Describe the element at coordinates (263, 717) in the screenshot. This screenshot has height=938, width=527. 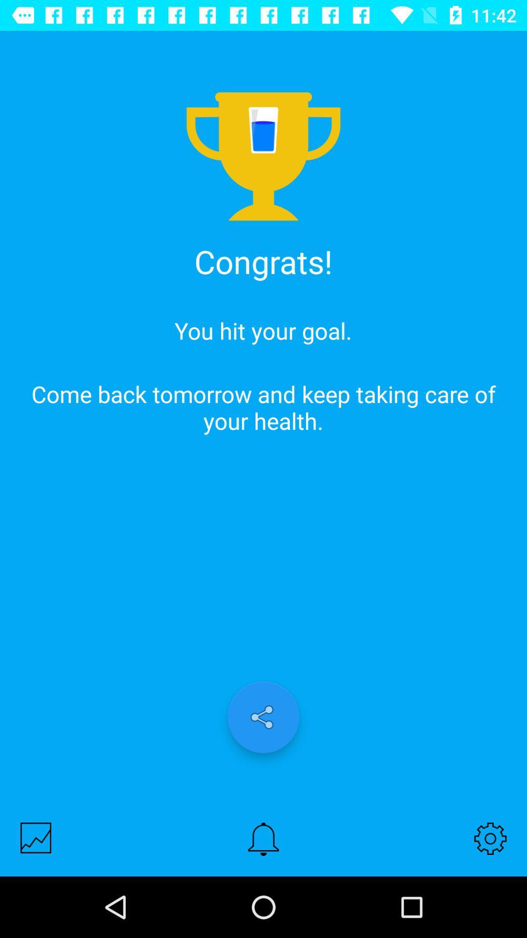
I see `the share icon` at that location.